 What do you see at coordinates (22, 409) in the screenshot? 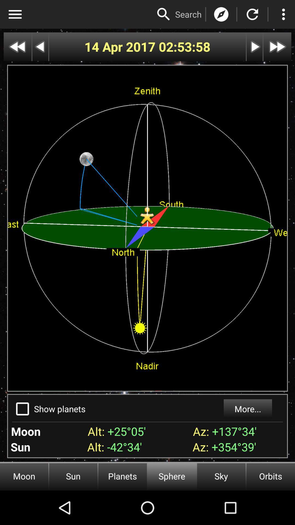
I see `the icon to the left of show planets` at bounding box center [22, 409].